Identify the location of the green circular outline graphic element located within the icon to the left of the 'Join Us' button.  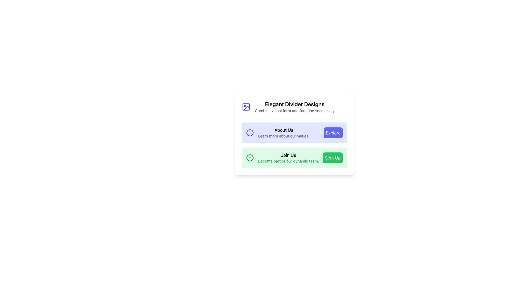
(250, 158).